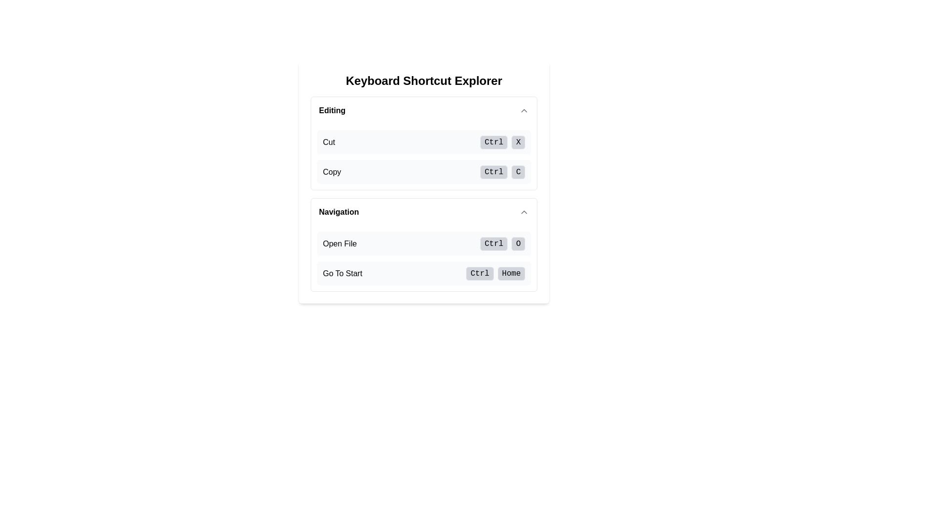 Image resolution: width=938 pixels, height=527 pixels. Describe the element at coordinates (518, 243) in the screenshot. I see `the rounded rectangular button with a light gray background and 'O' text, located in the 'Navigation' section of the 'Keyboard Shortcut Explorer' interface` at that location.